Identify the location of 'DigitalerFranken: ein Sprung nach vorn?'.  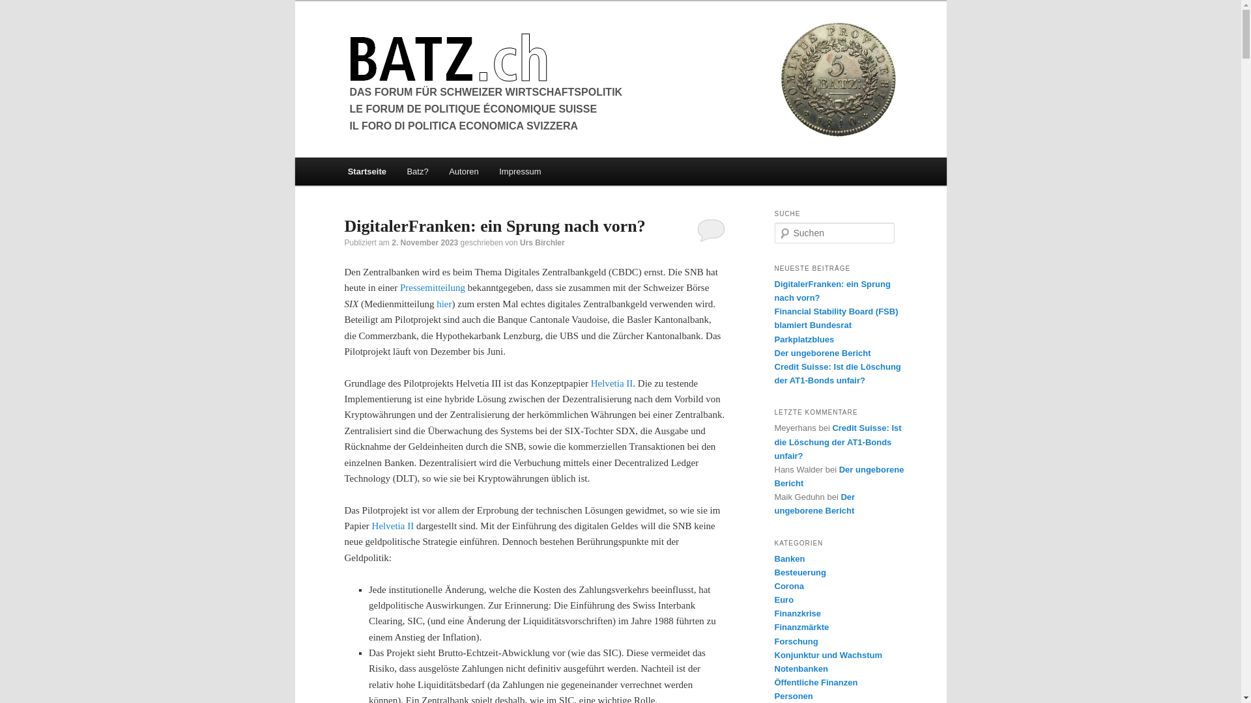
(493, 225).